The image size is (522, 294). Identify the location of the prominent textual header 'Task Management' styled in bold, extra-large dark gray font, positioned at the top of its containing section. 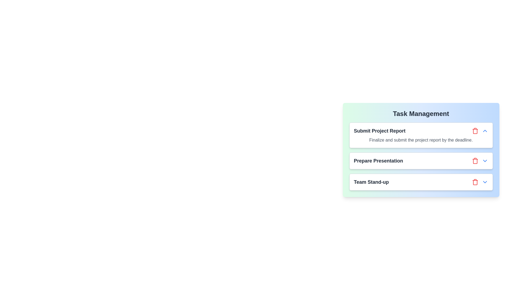
(421, 113).